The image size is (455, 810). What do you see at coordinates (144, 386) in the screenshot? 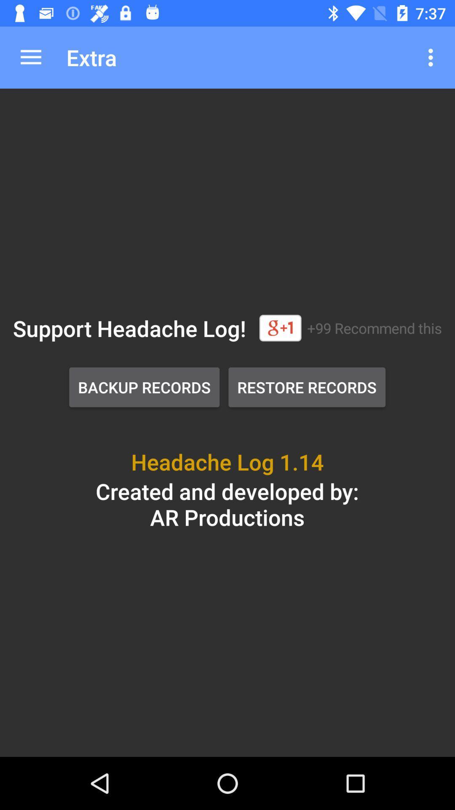
I see `icon above the headache log 1 item` at bounding box center [144, 386].